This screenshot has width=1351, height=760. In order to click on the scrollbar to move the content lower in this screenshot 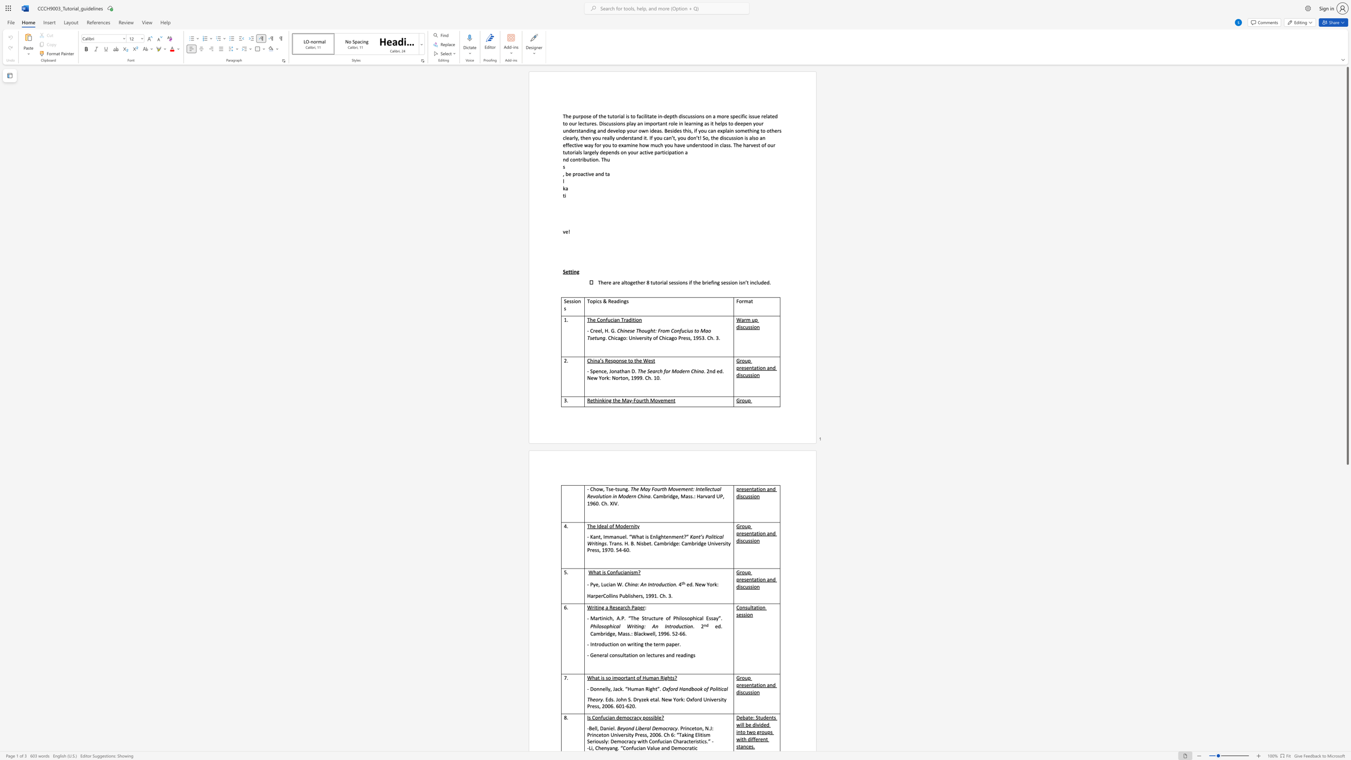, I will do `click(1347, 513)`.